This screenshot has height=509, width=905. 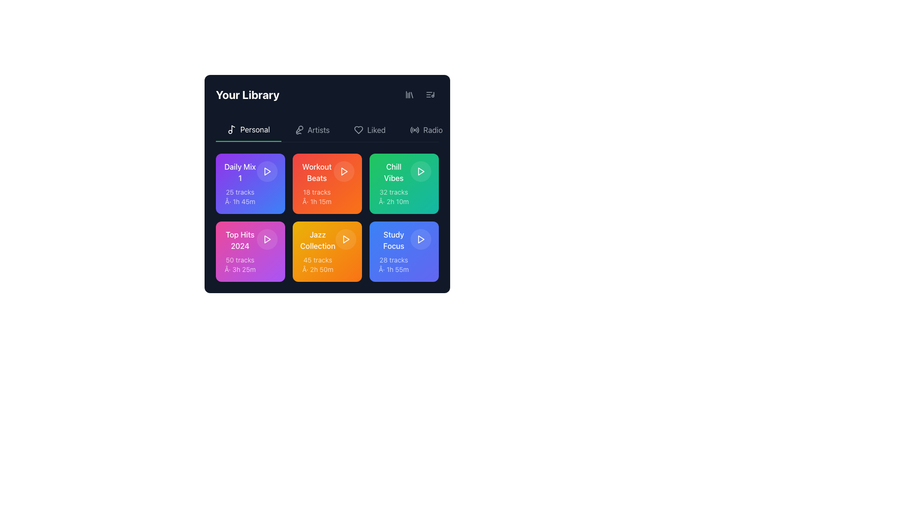 I want to click on the triangular play icon located in the top-right quadrant of the green 'Chill Vibes' tile, so click(x=420, y=171).